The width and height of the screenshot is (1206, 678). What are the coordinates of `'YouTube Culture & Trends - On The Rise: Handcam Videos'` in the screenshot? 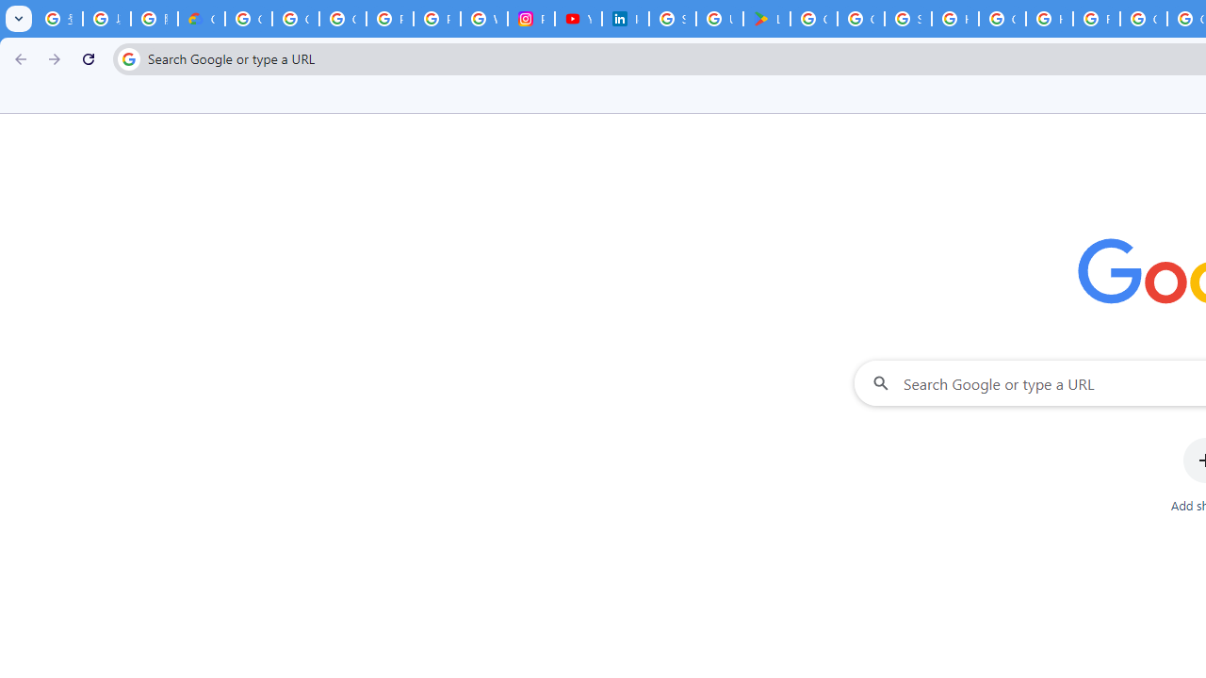 It's located at (577, 19).